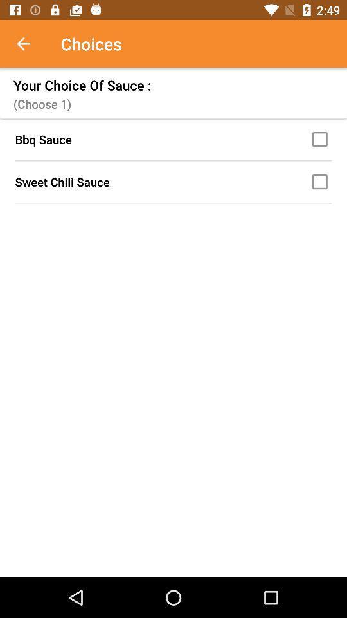  Describe the element at coordinates (321, 139) in the screenshot. I see `bbq sauce` at that location.